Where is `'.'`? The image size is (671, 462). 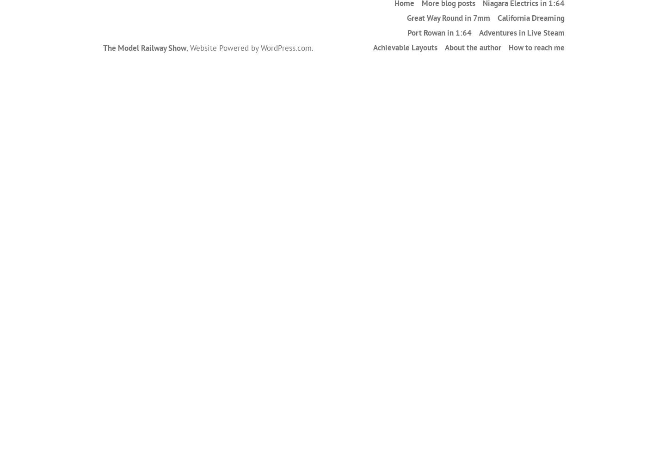 '.' is located at coordinates (312, 47).